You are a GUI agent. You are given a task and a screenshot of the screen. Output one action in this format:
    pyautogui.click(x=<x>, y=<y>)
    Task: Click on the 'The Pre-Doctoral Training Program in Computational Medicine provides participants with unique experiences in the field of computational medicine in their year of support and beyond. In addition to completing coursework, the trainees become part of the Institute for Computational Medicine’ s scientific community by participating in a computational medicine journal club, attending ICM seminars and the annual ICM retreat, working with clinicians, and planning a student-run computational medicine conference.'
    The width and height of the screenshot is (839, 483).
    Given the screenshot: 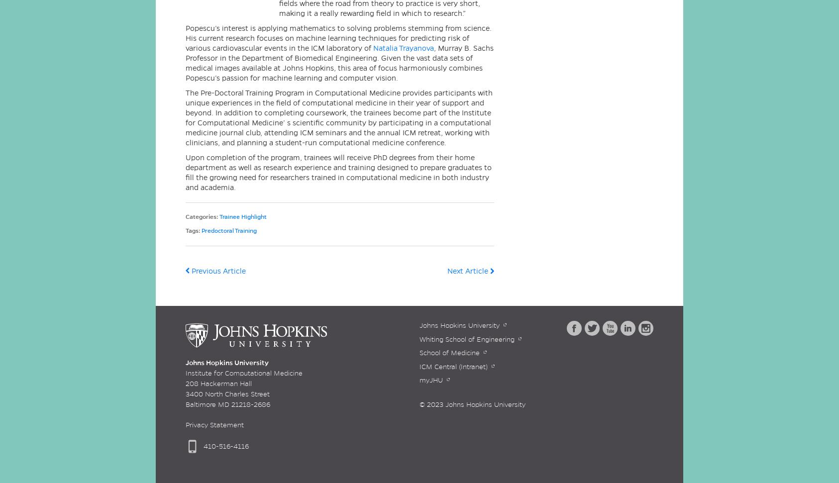 What is the action you would take?
    pyautogui.click(x=185, y=117)
    